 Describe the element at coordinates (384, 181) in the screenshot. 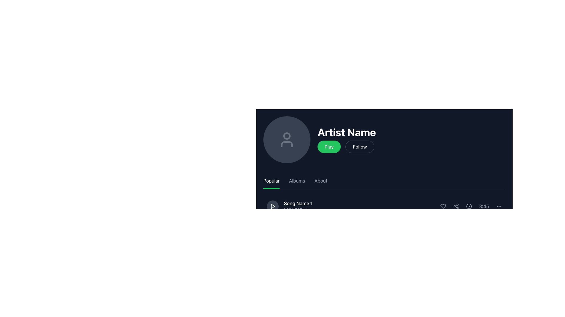

I see `the 'About' tab in the horizontal navigation bar, which includes the tabs 'Popular', 'Albums', and 'About'` at that location.